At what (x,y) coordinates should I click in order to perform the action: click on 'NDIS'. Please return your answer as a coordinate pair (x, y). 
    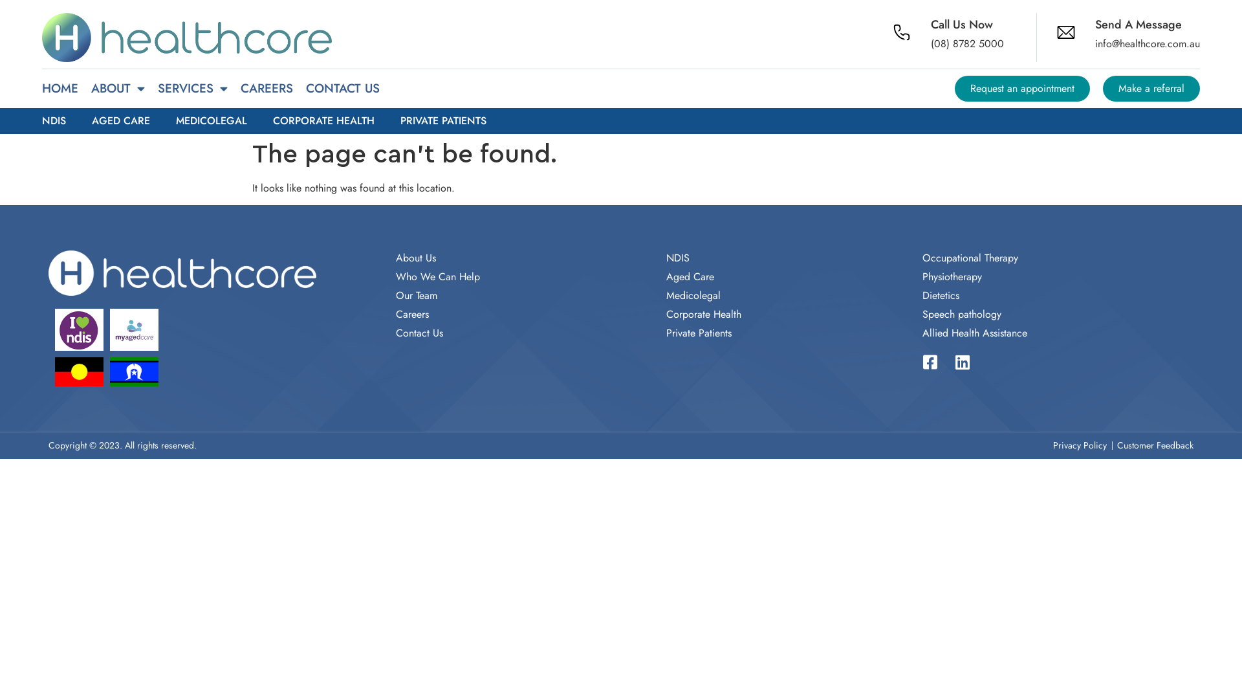
    Looking at the image, I should click on (677, 258).